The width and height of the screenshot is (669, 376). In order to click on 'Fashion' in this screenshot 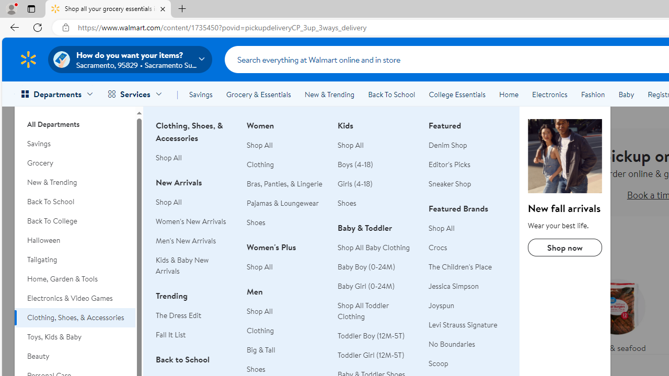, I will do `click(593, 95)`.